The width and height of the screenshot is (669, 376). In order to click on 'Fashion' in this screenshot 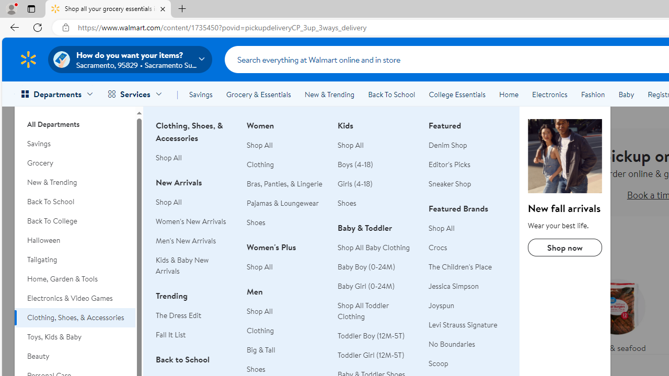, I will do `click(593, 95)`.